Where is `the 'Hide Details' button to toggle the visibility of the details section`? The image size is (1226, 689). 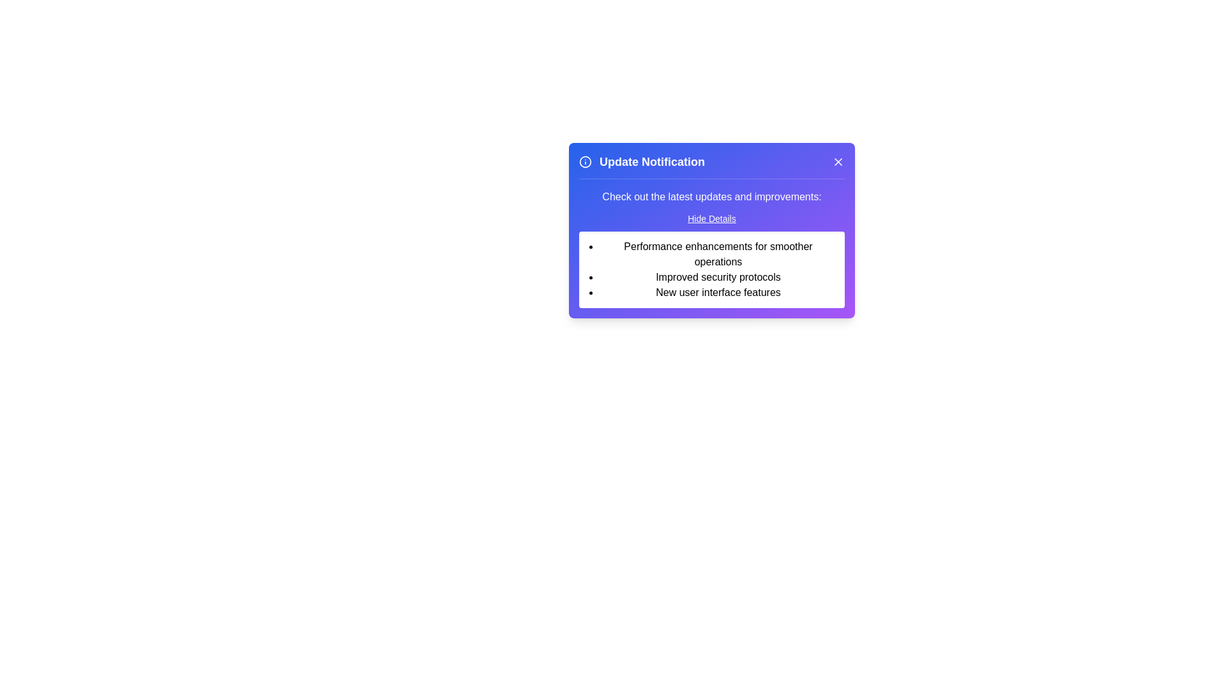 the 'Hide Details' button to toggle the visibility of the details section is located at coordinates (711, 218).